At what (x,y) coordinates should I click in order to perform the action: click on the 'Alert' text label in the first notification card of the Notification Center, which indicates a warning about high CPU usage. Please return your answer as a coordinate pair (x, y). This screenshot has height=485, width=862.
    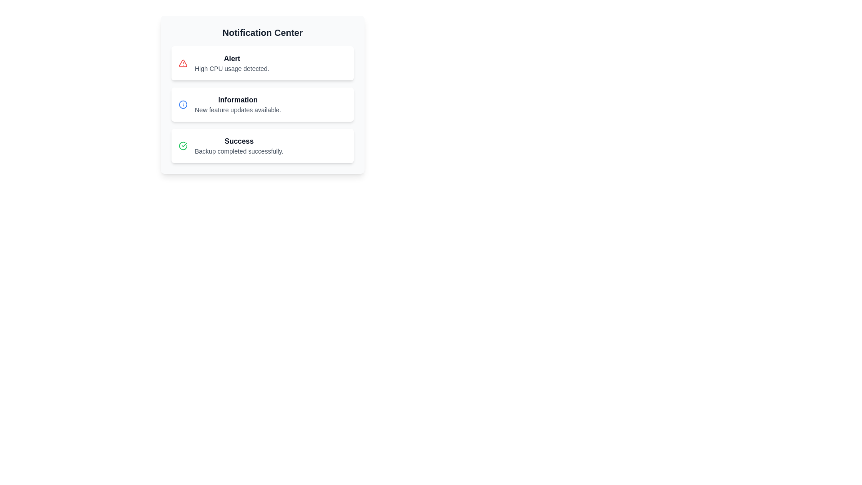
    Looking at the image, I should click on (232, 59).